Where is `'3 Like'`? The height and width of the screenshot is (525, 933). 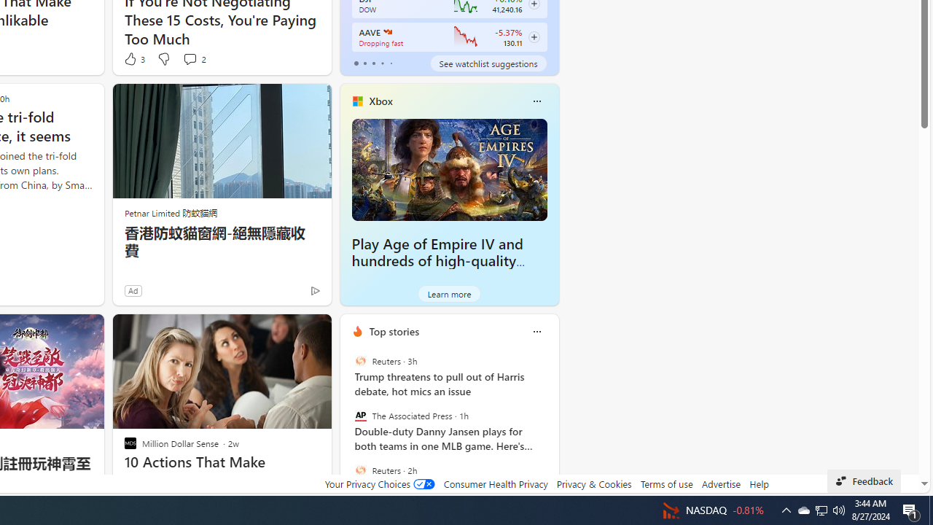 '3 Like' is located at coordinates (133, 58).